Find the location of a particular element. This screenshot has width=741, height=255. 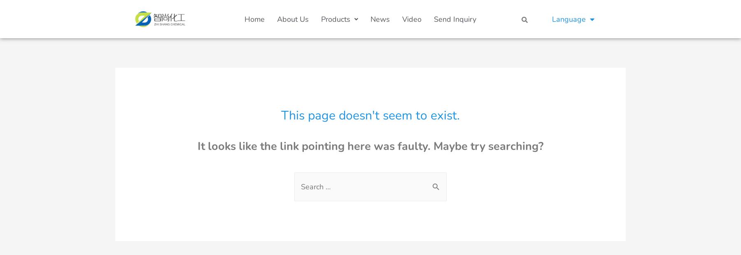

'It looks like the link pointing here was faulty. Maybe try searching?' is located at coordinates (370, 146).